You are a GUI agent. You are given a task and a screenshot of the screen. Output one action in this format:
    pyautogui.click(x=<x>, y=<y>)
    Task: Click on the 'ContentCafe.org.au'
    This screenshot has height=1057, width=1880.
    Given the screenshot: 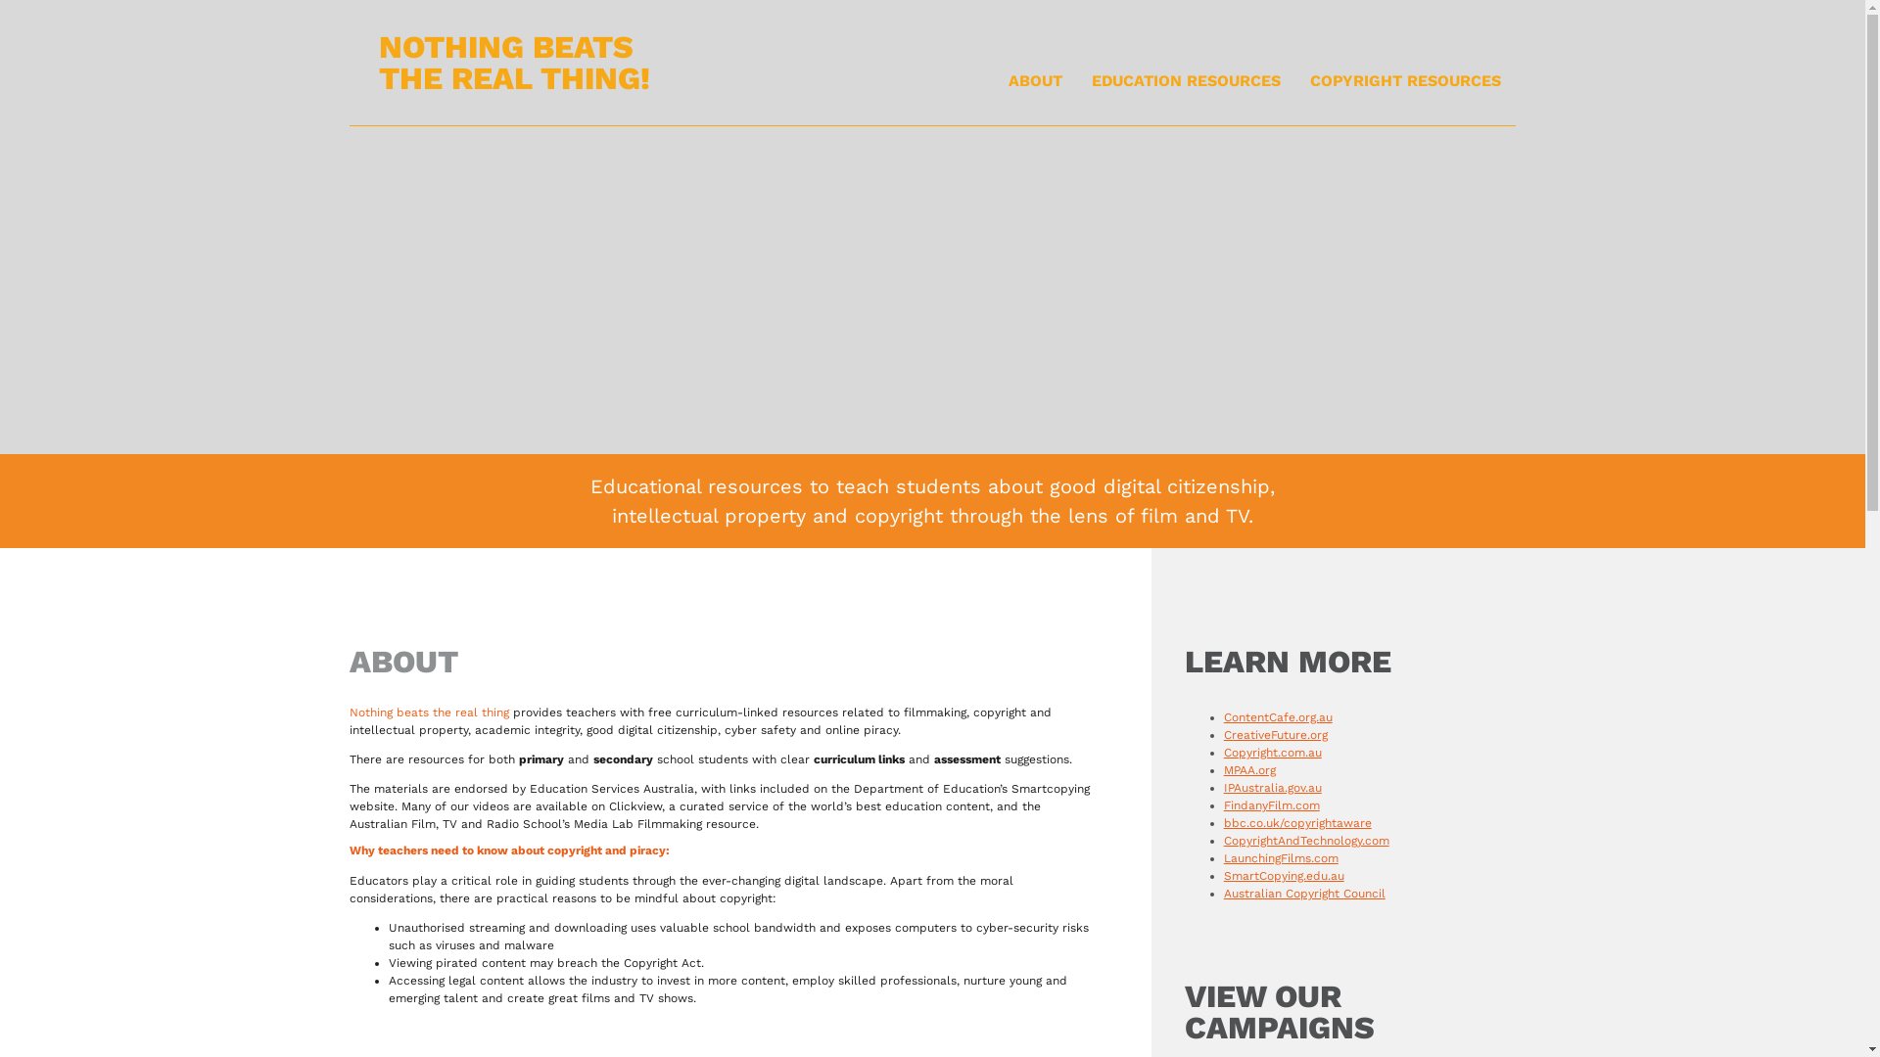 What is the action you would take?
    pyautogui.click(x=1278, y=716)
    